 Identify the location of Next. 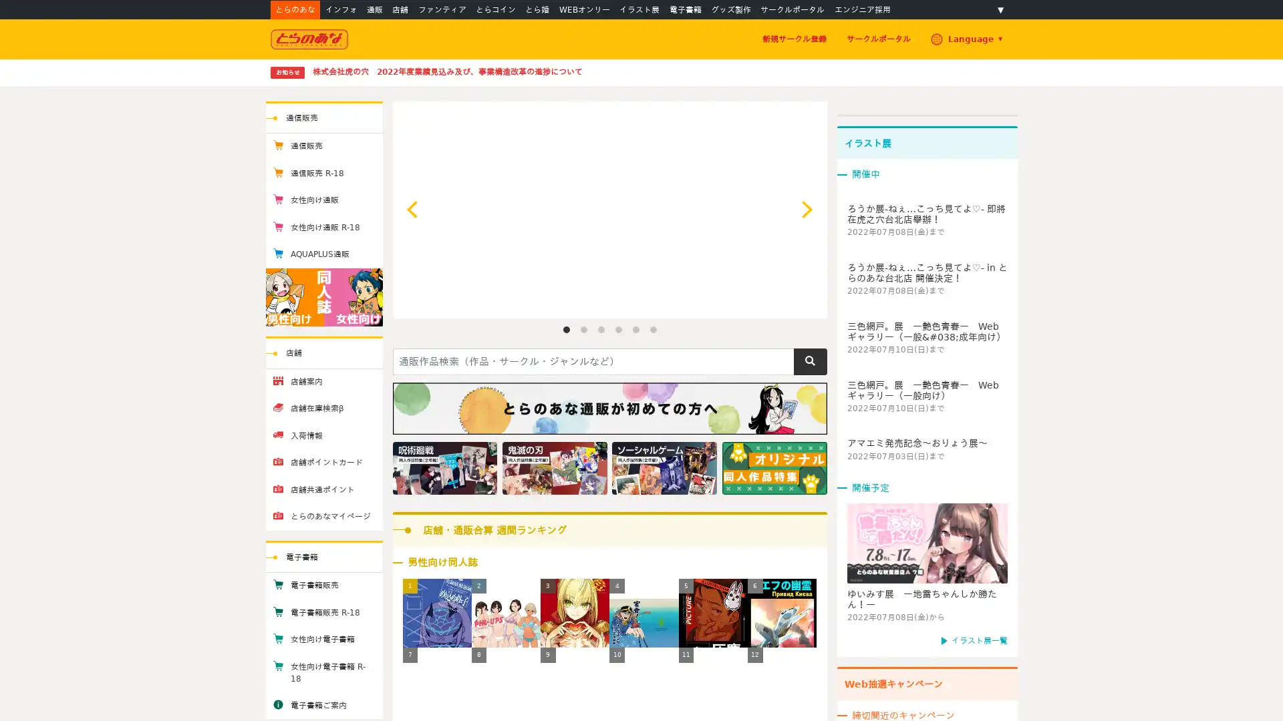
(804, 209).